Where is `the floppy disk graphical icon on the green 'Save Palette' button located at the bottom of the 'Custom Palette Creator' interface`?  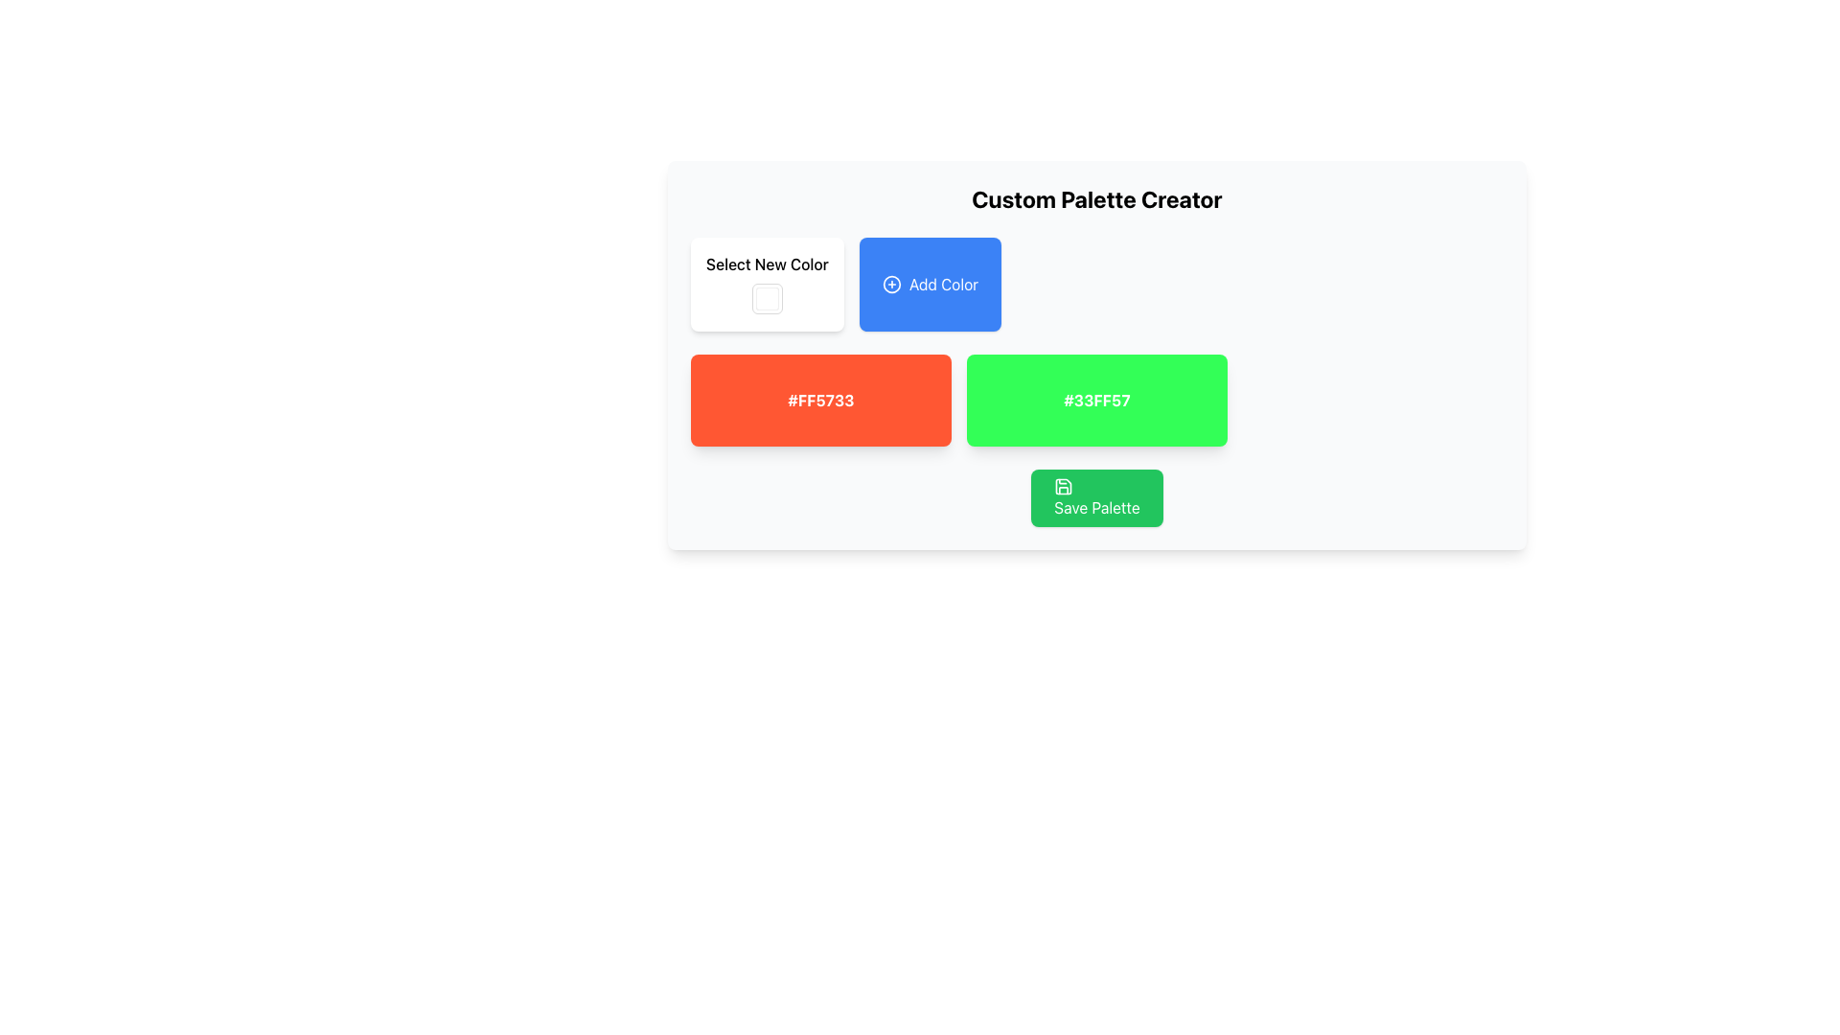 the floppy disk graphical icon on the green 'Save Palette' button located at the bottom of the 'Custom Palette Creator' interface is located at coordinates (1063, 486).